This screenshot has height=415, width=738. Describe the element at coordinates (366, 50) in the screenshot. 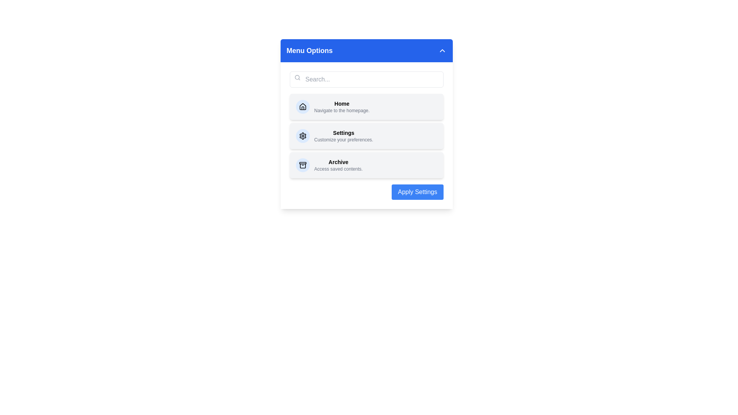

I see `the 'Menu Options' button to toggle the visibility of the menu` at that location.